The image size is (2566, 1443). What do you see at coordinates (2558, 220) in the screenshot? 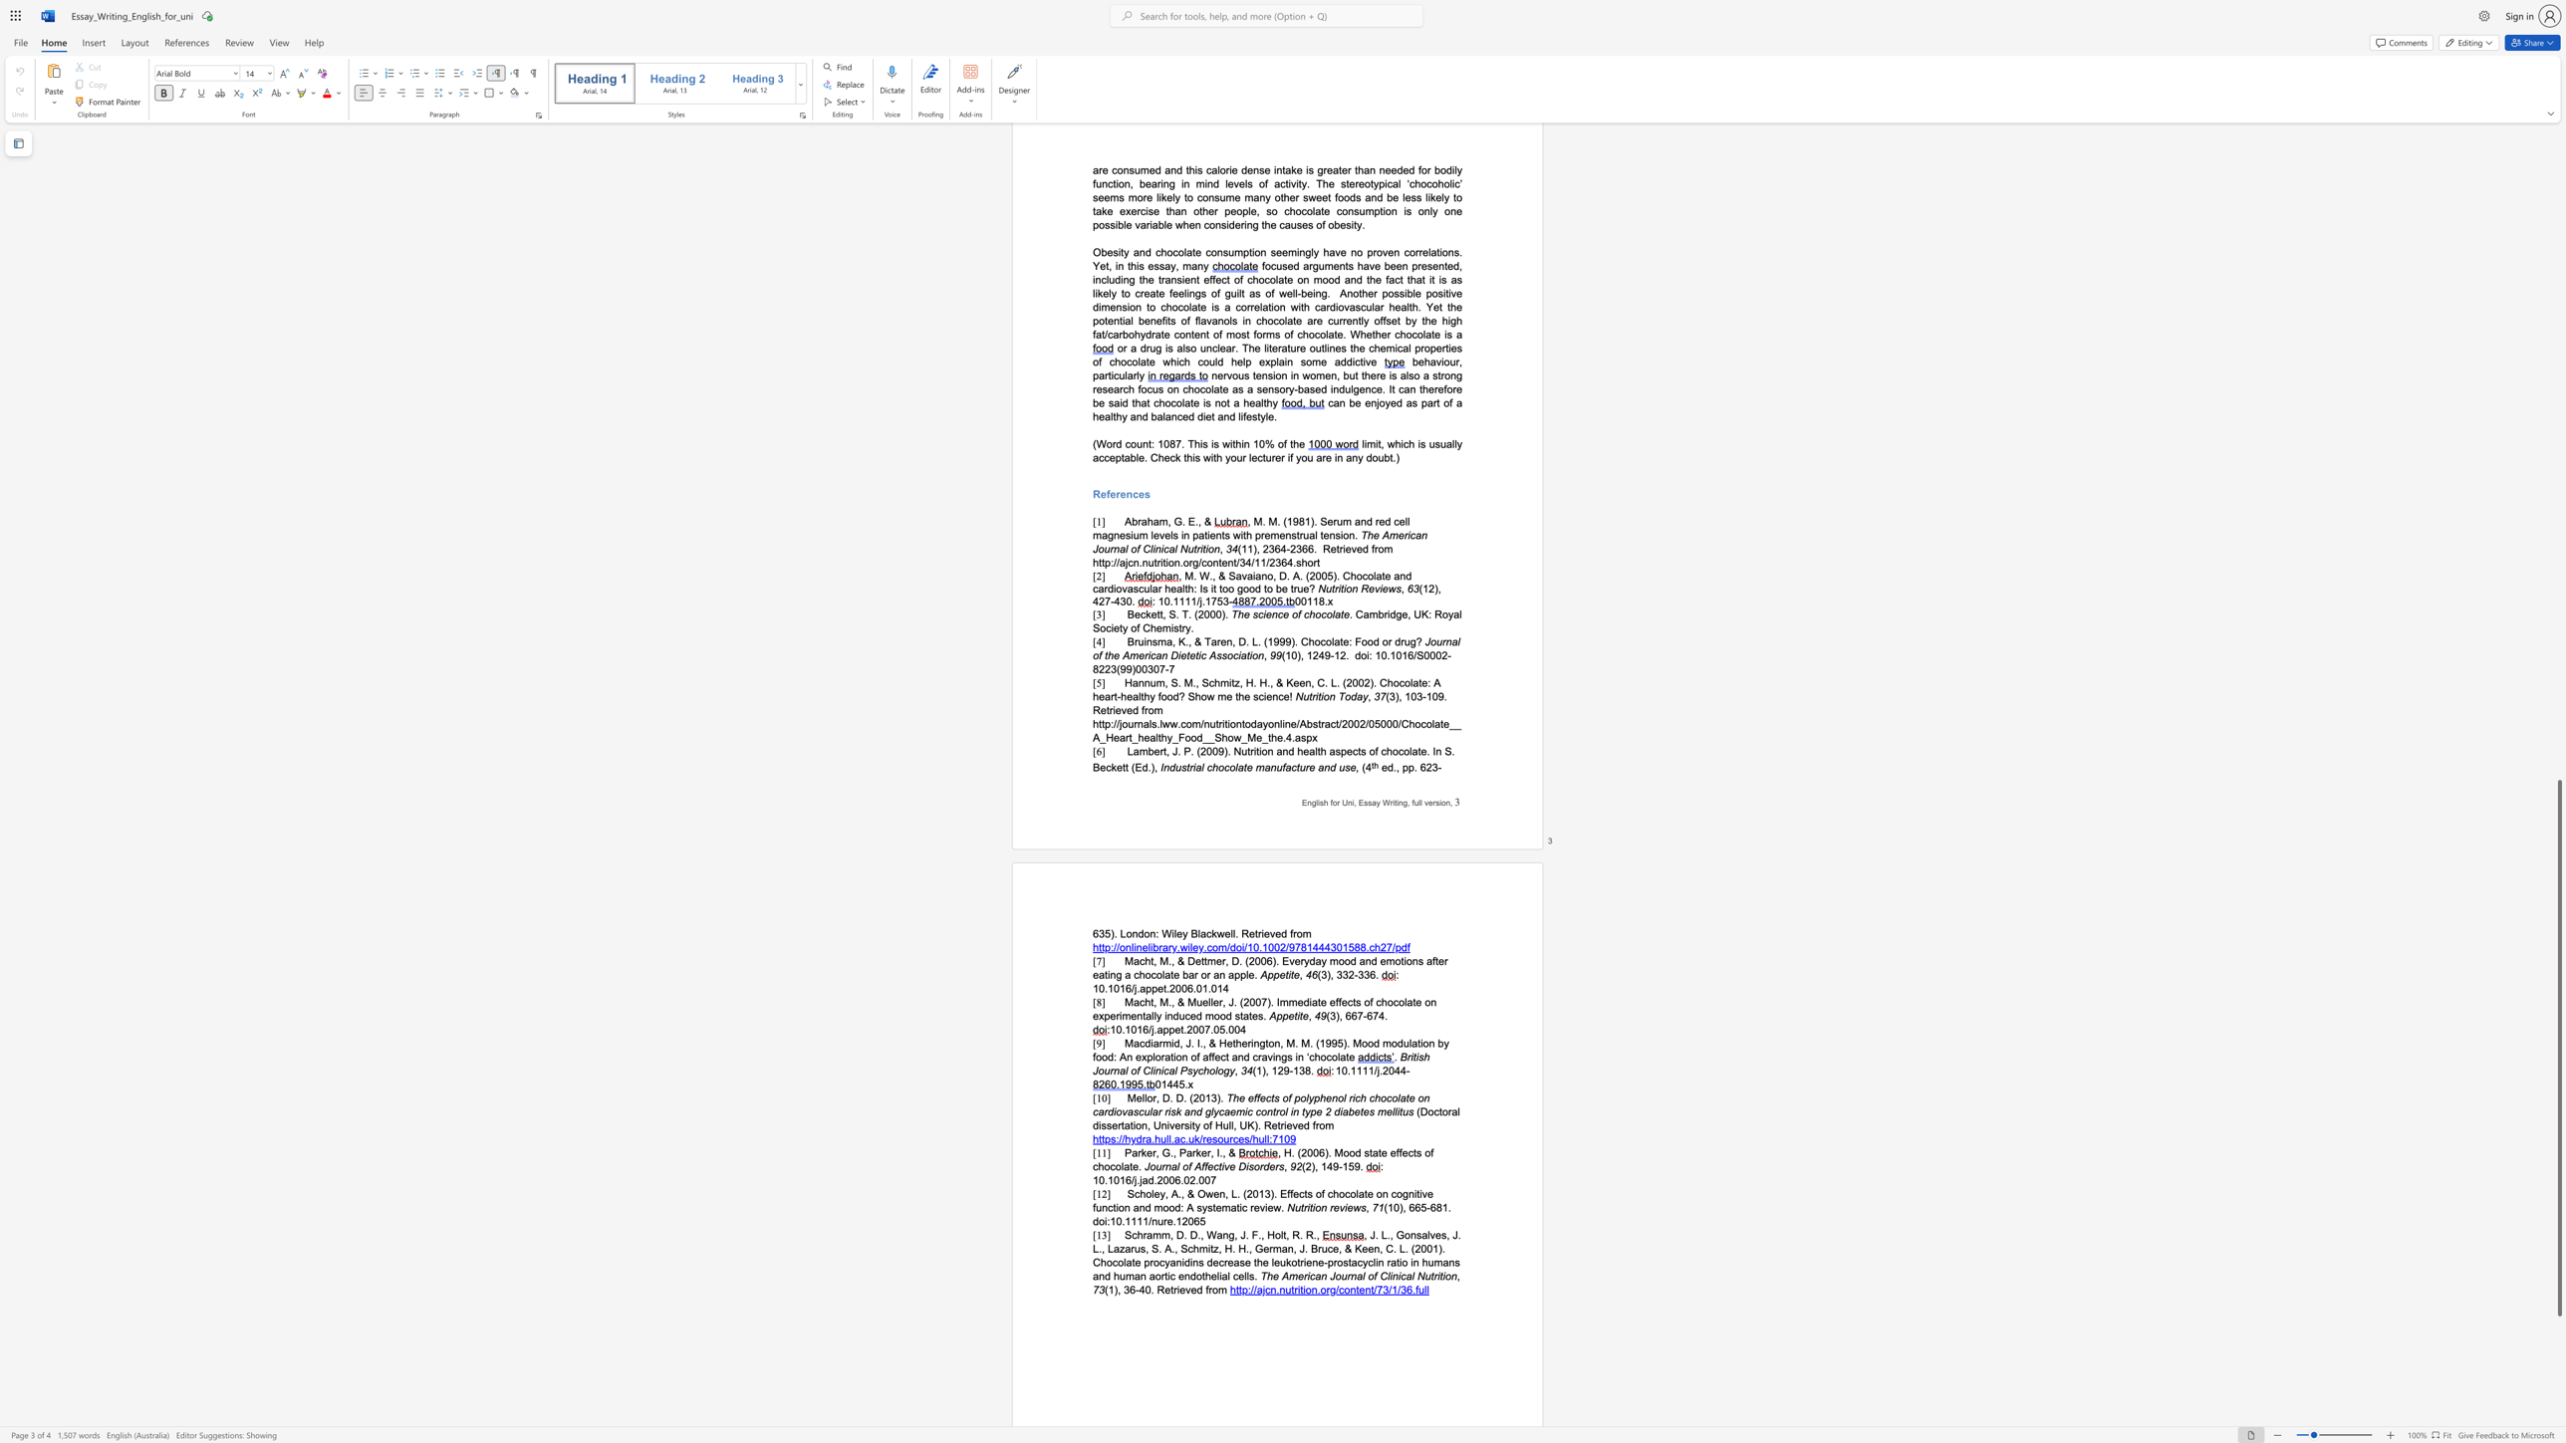
I see `the scrollbar` at bounding box center [2558, 220].